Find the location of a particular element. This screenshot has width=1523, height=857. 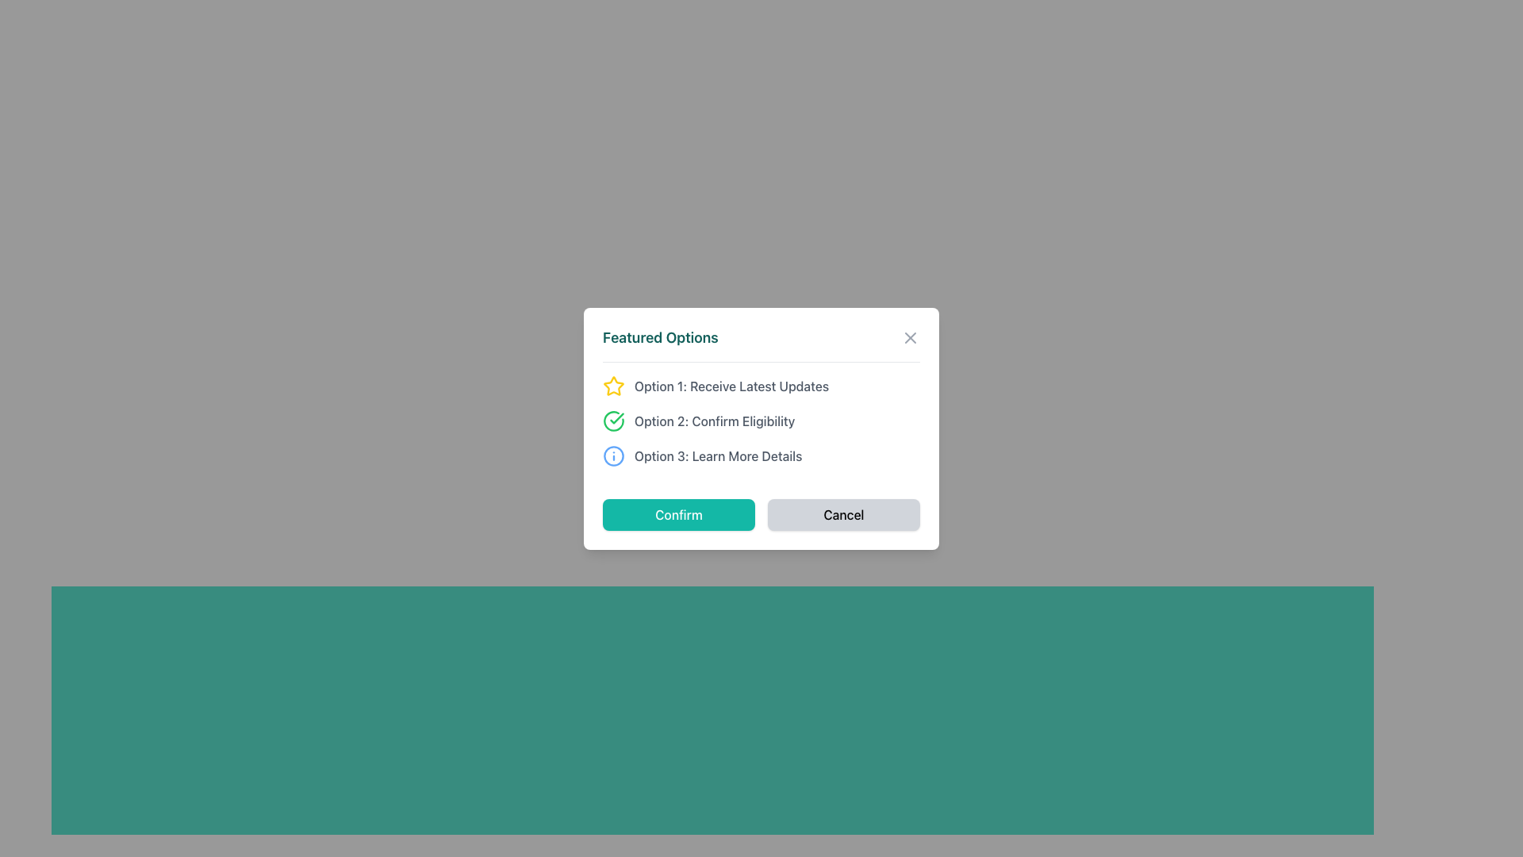

the button group at the bottom of the 'Featured Options' modal window to observe the hover effects is located at coordinates (761, 514).